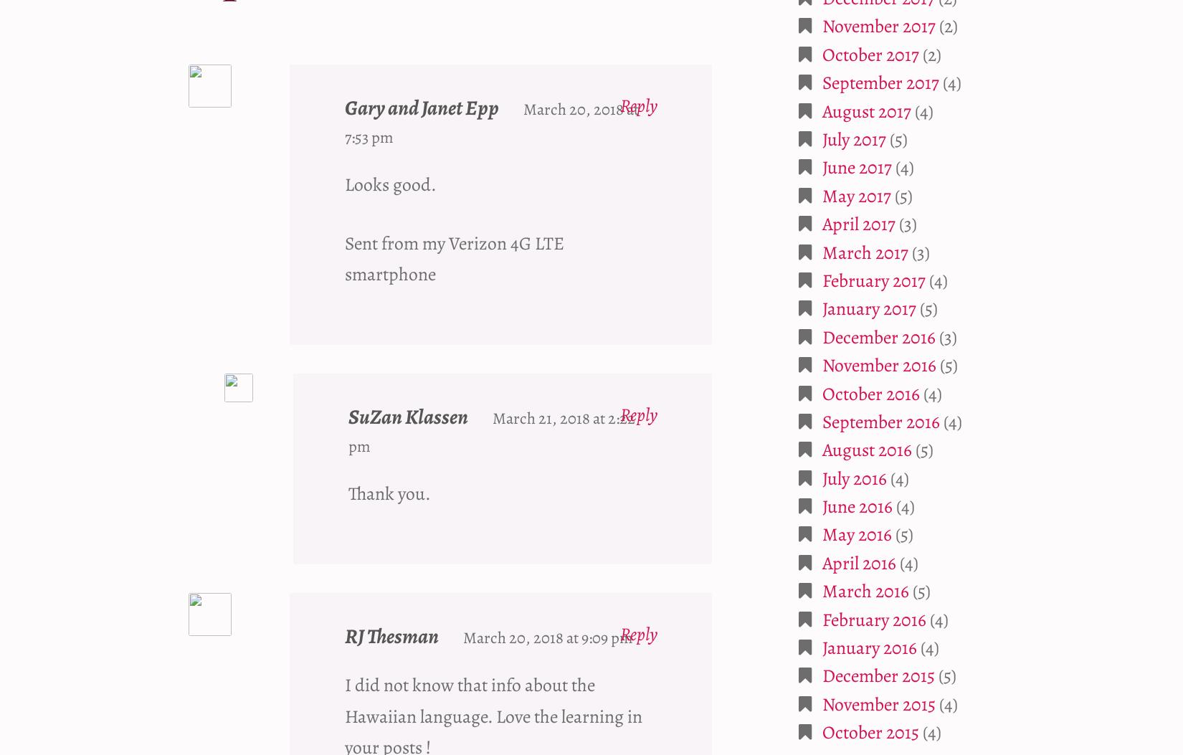 Image resolution: width=1183 pixels, height=755 pixels. What do you see at coordinates (389, 493) in the screenshot?
I see `'Thank you.'` at bounding box center [389, 493].